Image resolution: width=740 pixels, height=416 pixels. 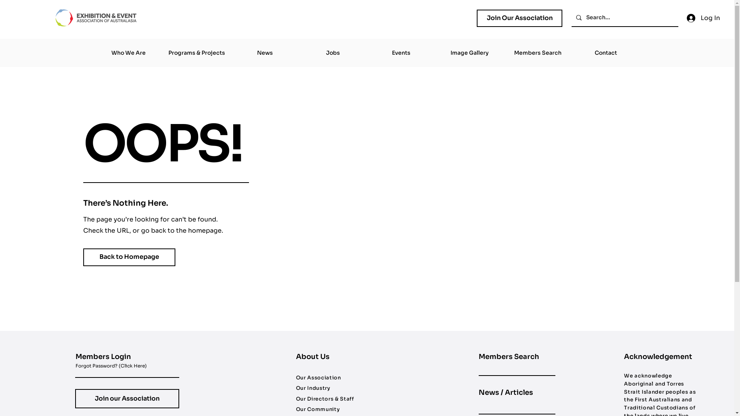 What do you see at coordinates (296, 399) in the screenshot?
I see `'Our Directors & Staff'` at bounding box center [296, 399].